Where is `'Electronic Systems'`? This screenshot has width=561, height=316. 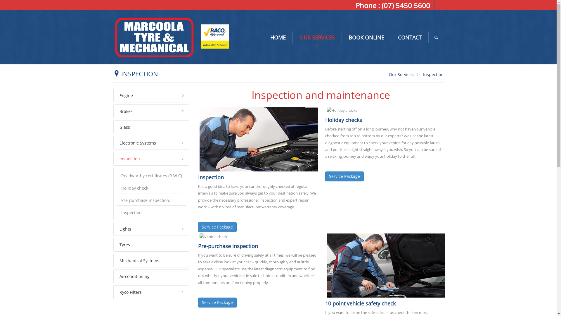 'Electronic Systems' is located at coordinates (151, 143).